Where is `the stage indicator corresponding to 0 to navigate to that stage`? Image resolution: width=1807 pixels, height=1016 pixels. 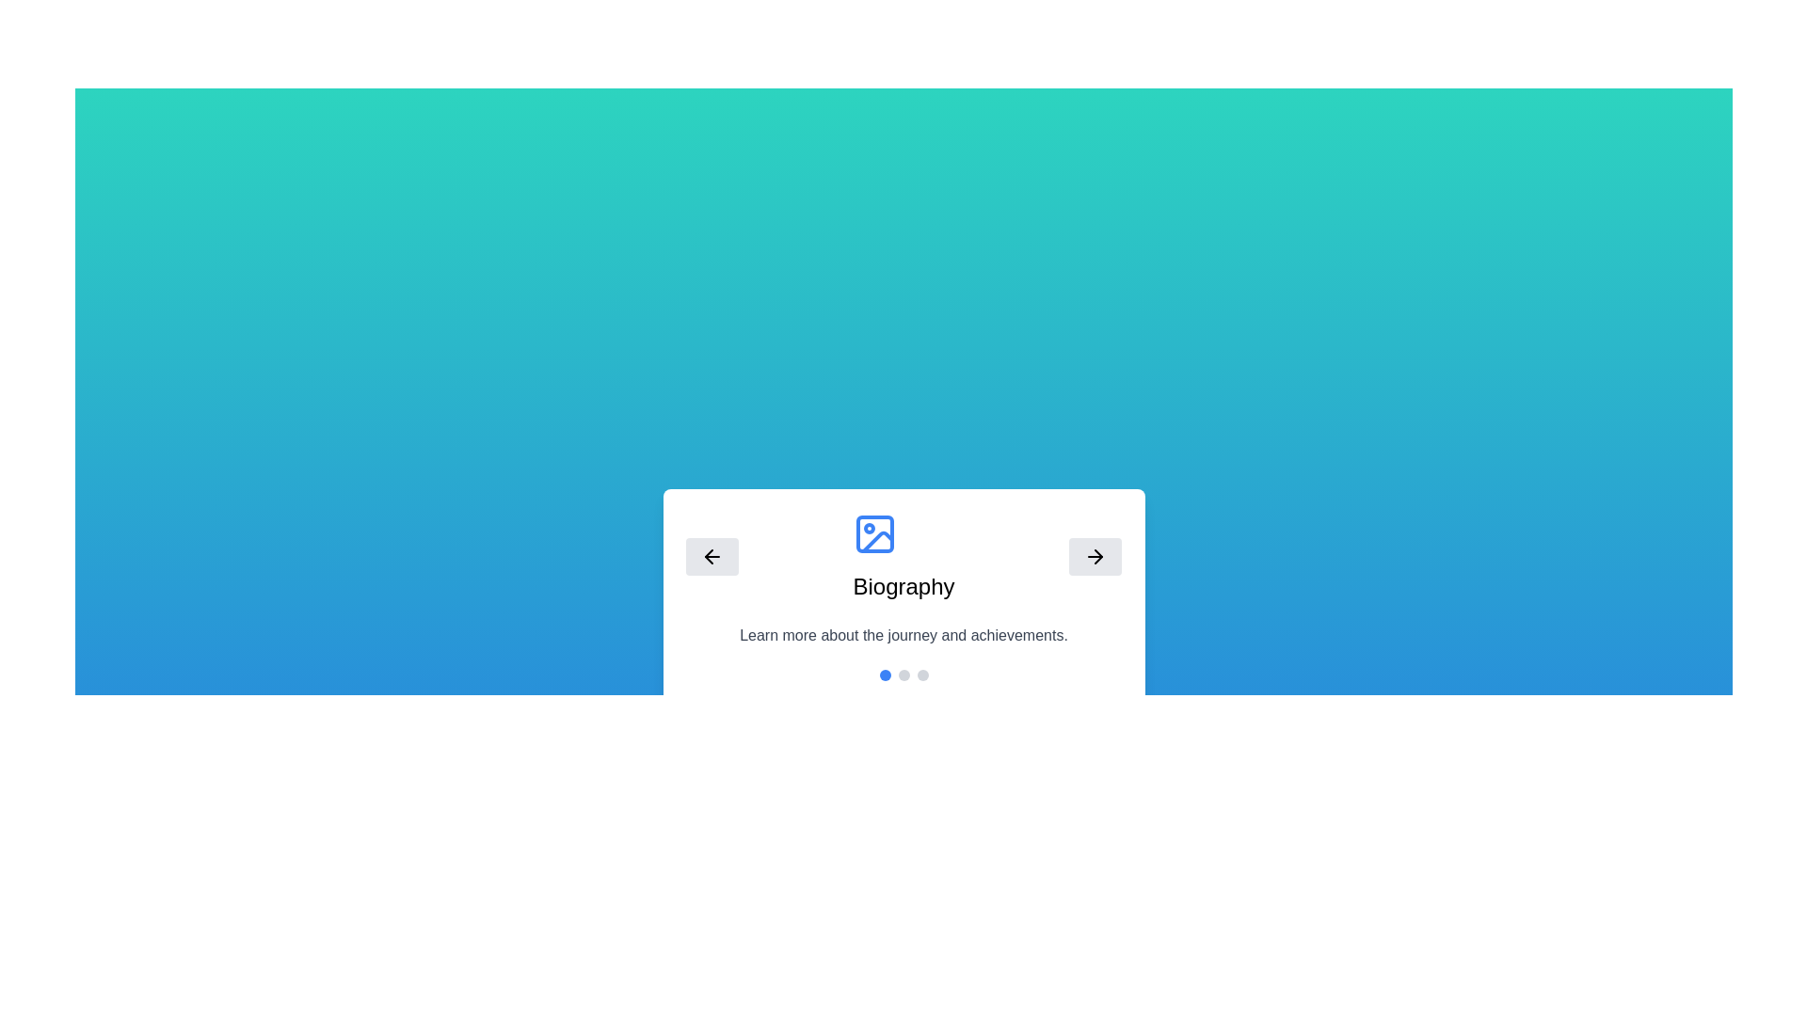 the stage indicator corresponding to 0 to navigate to that stage is located at coordinates (884, 674).